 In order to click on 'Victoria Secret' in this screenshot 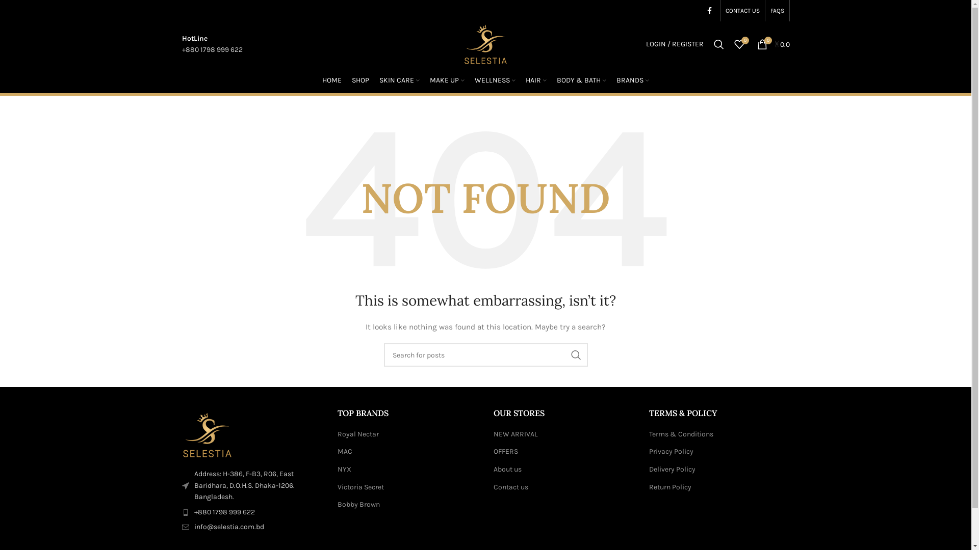, I will do `click(361, 486)`.